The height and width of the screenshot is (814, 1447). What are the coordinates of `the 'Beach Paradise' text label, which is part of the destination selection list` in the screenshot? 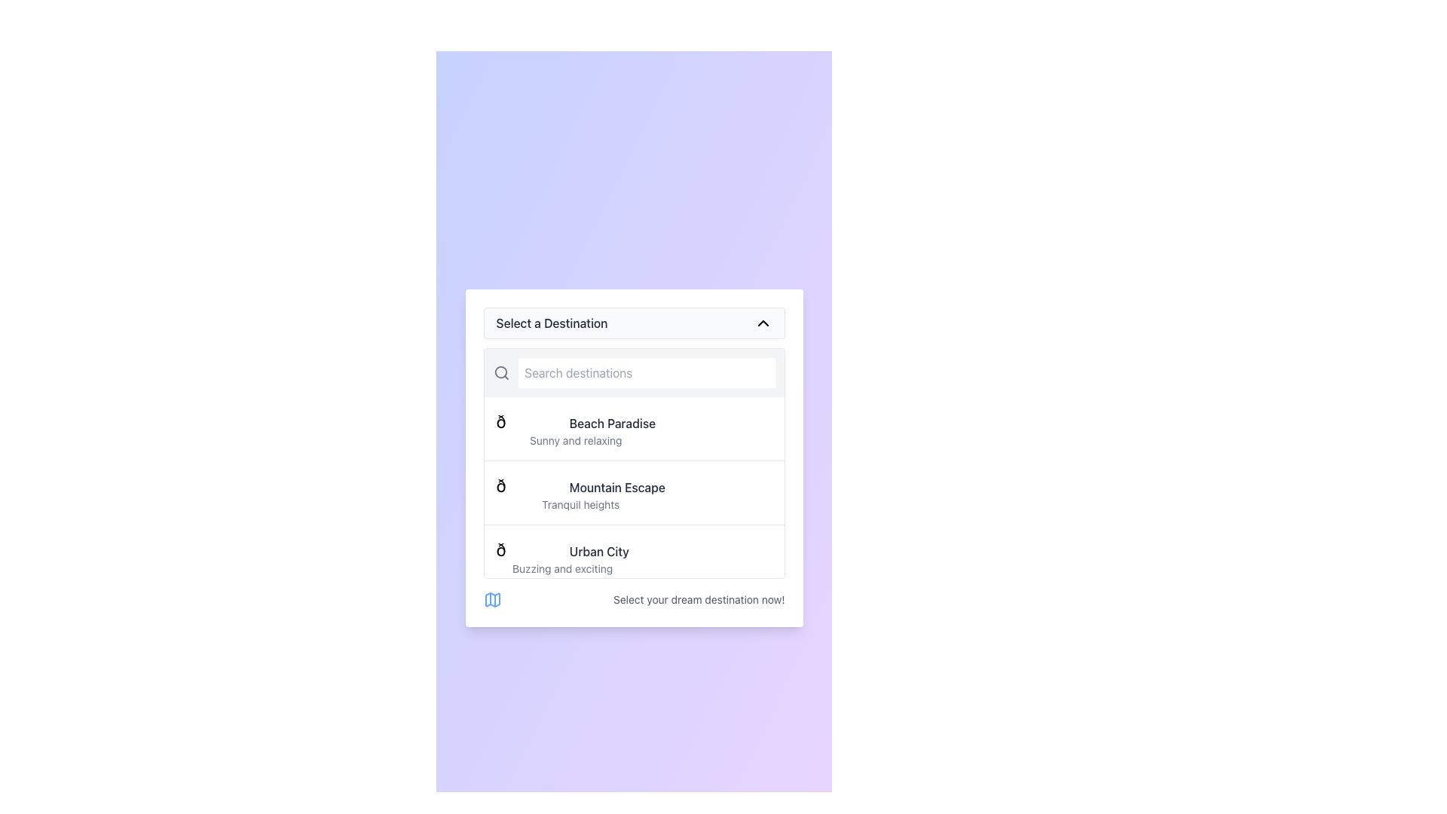 It's located at (612, 424).